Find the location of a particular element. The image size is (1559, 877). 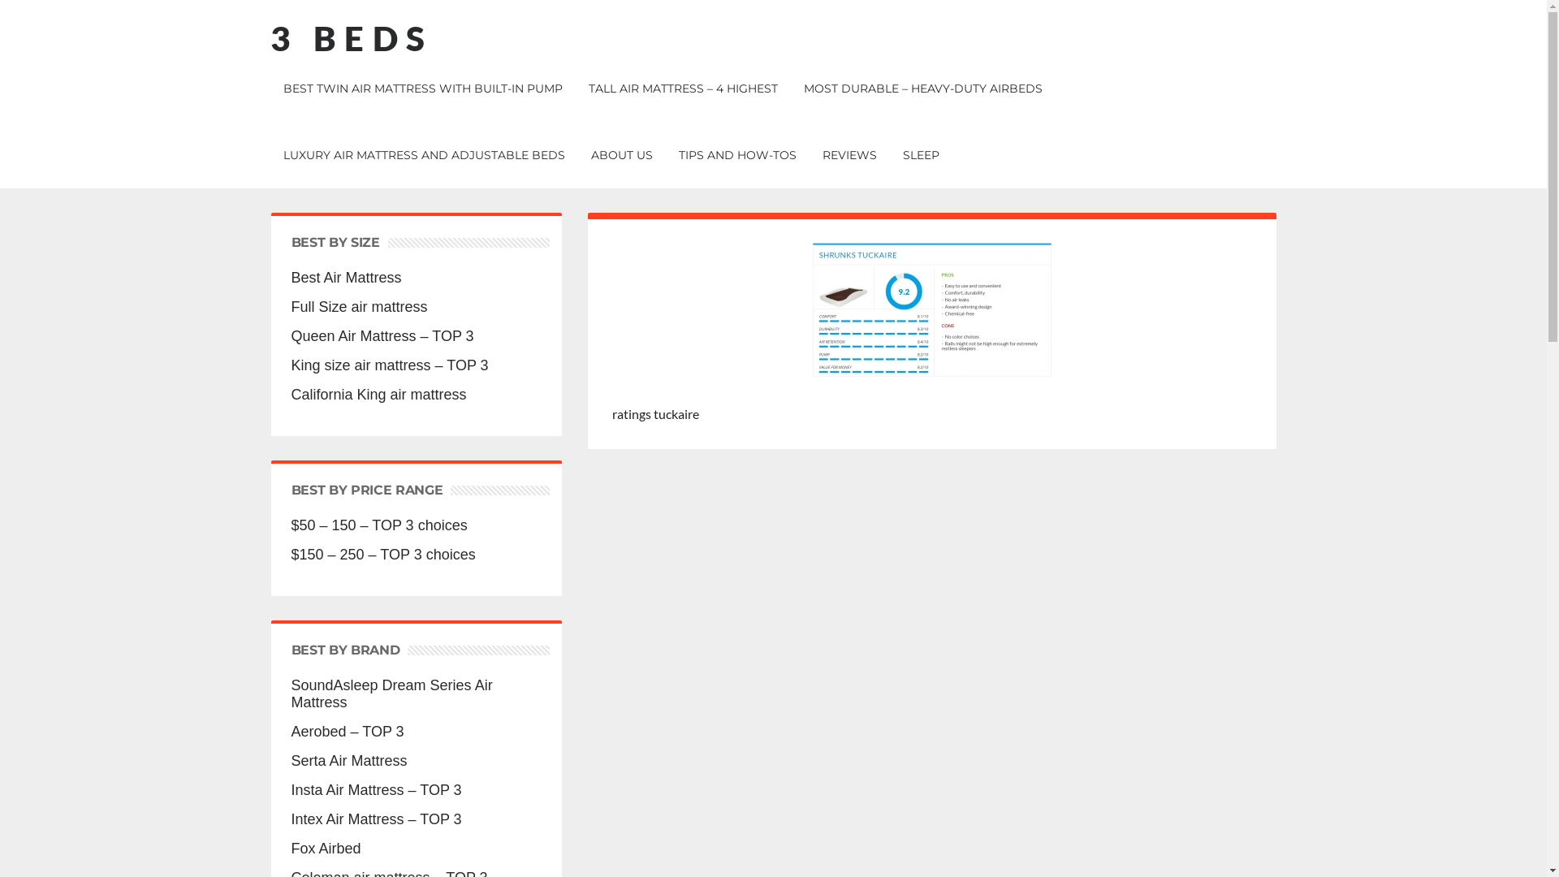

'3 BEDS' is located at coordinates (269, 37).